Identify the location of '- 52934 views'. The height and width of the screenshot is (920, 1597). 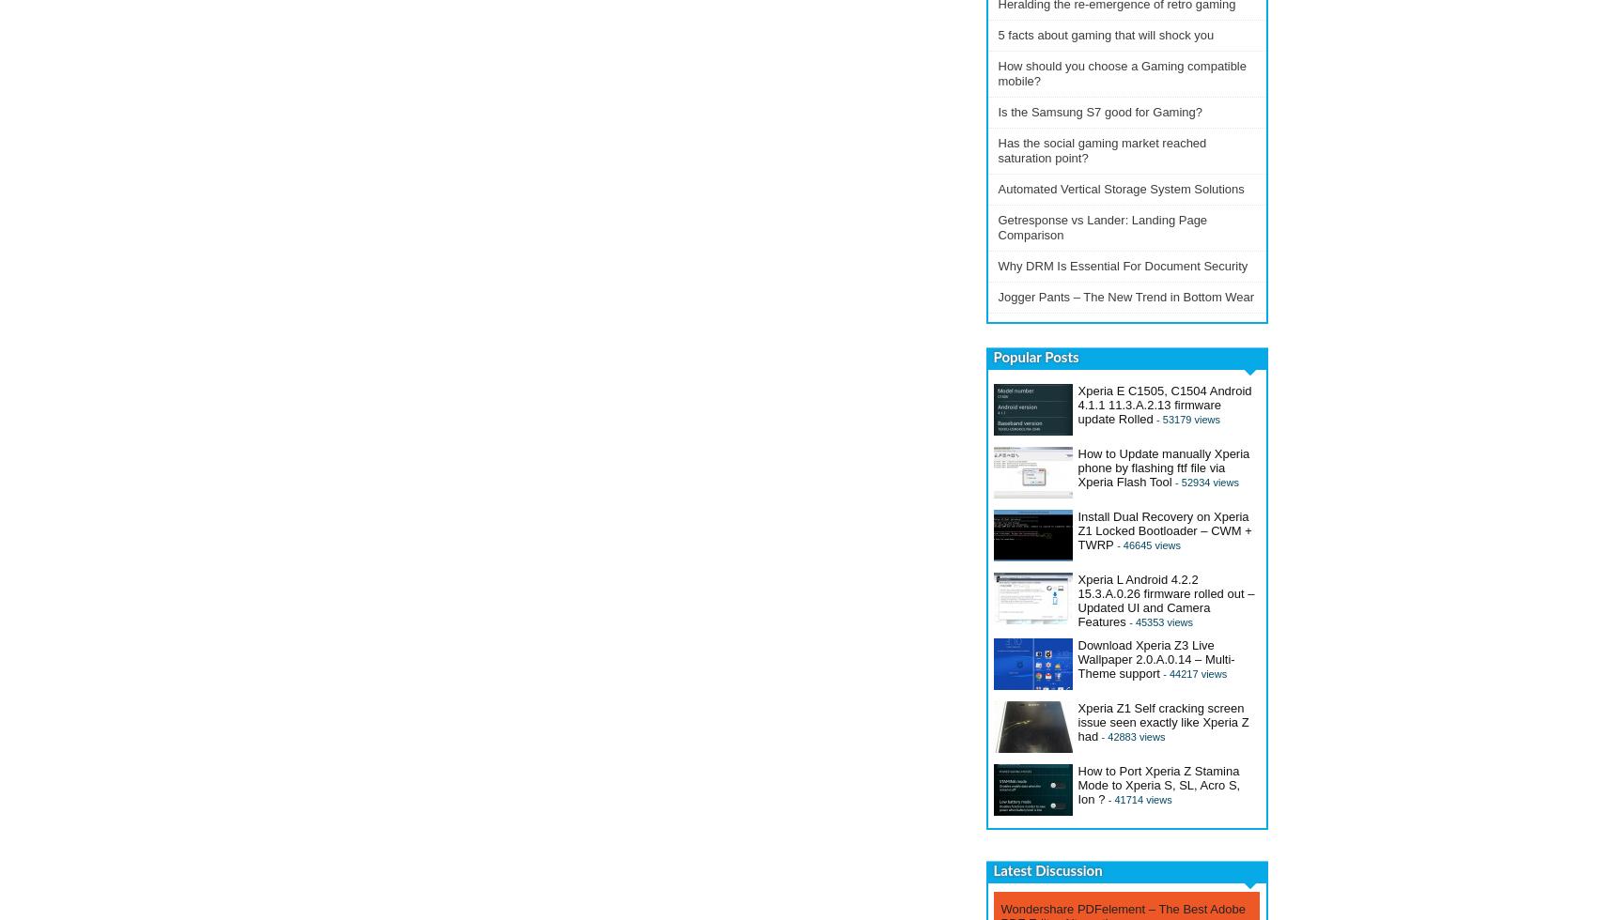
(1206, 483).